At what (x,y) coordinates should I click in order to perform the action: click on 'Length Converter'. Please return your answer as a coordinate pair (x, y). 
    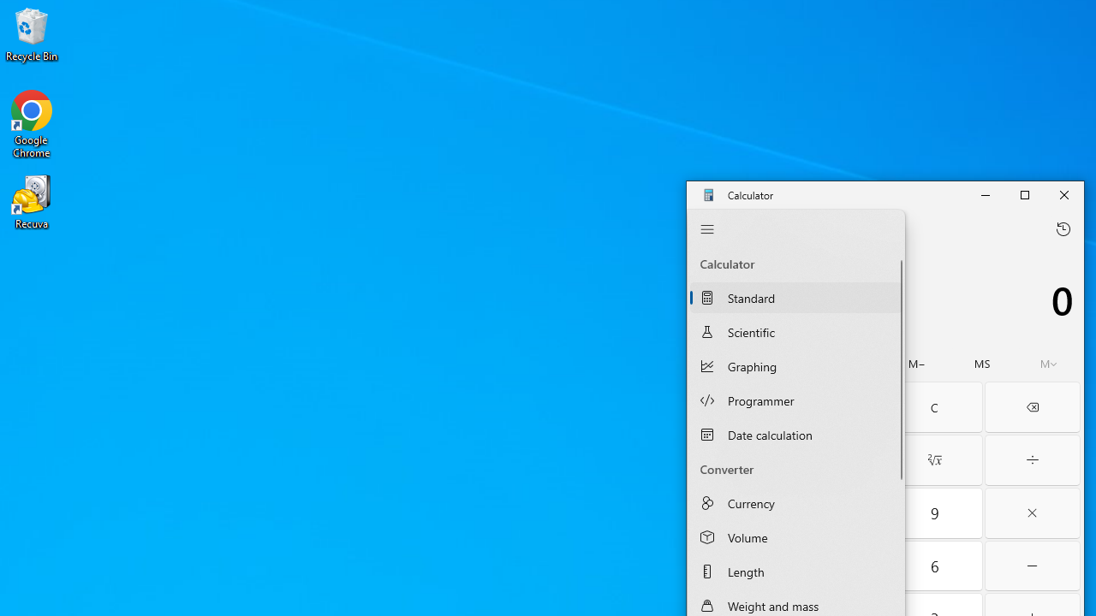
    Looking at the image, I should click on (795, 572).